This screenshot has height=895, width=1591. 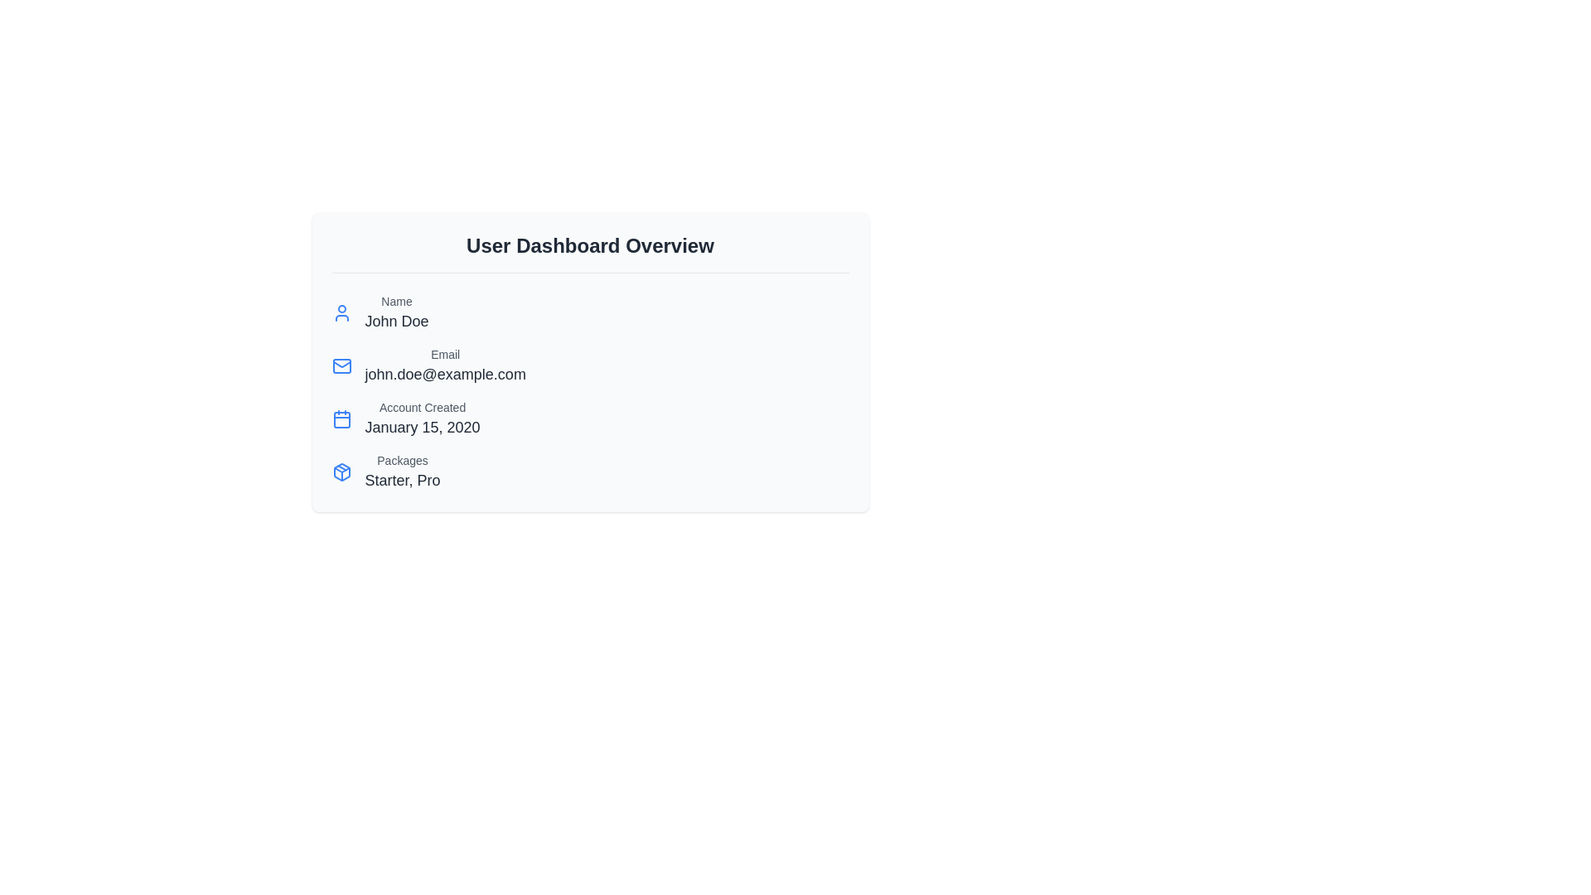 I want to click on the text label that describes the packages section, located beneath the 'Account Created' header in the user dashboard overview, so click(x=402, y=460).